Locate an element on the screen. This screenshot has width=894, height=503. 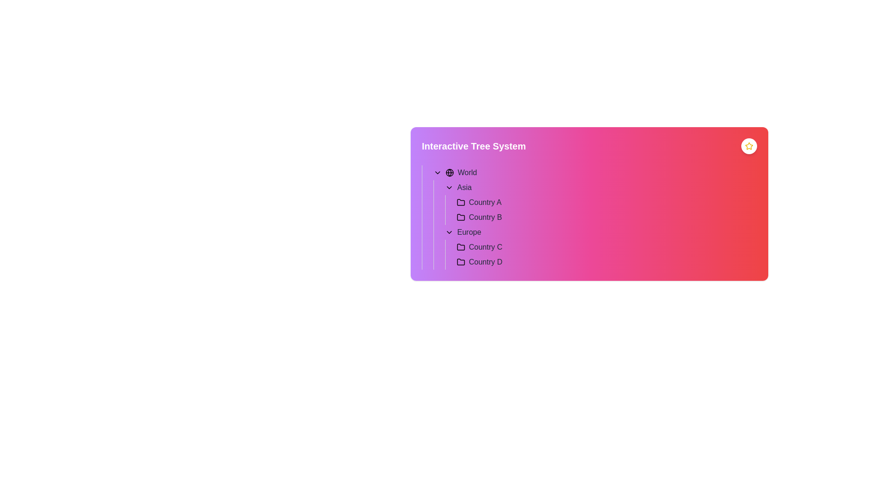
the folder-shaped icon located to the left of the text label 'Country C' is located at coordinates (461, 247).